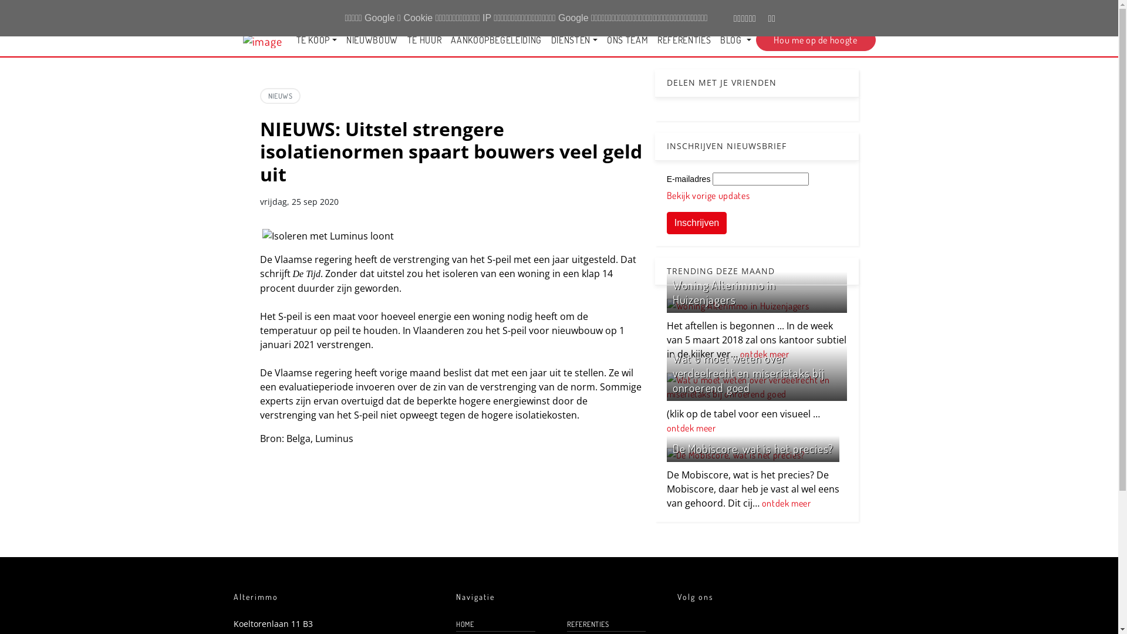 Image resolution: width=1127 pixels, height=634 pixels. What do you see at coordinates (546, 39) in the screenshot?
I see `'DIENSTEN'` at bounding box center [546, 39].